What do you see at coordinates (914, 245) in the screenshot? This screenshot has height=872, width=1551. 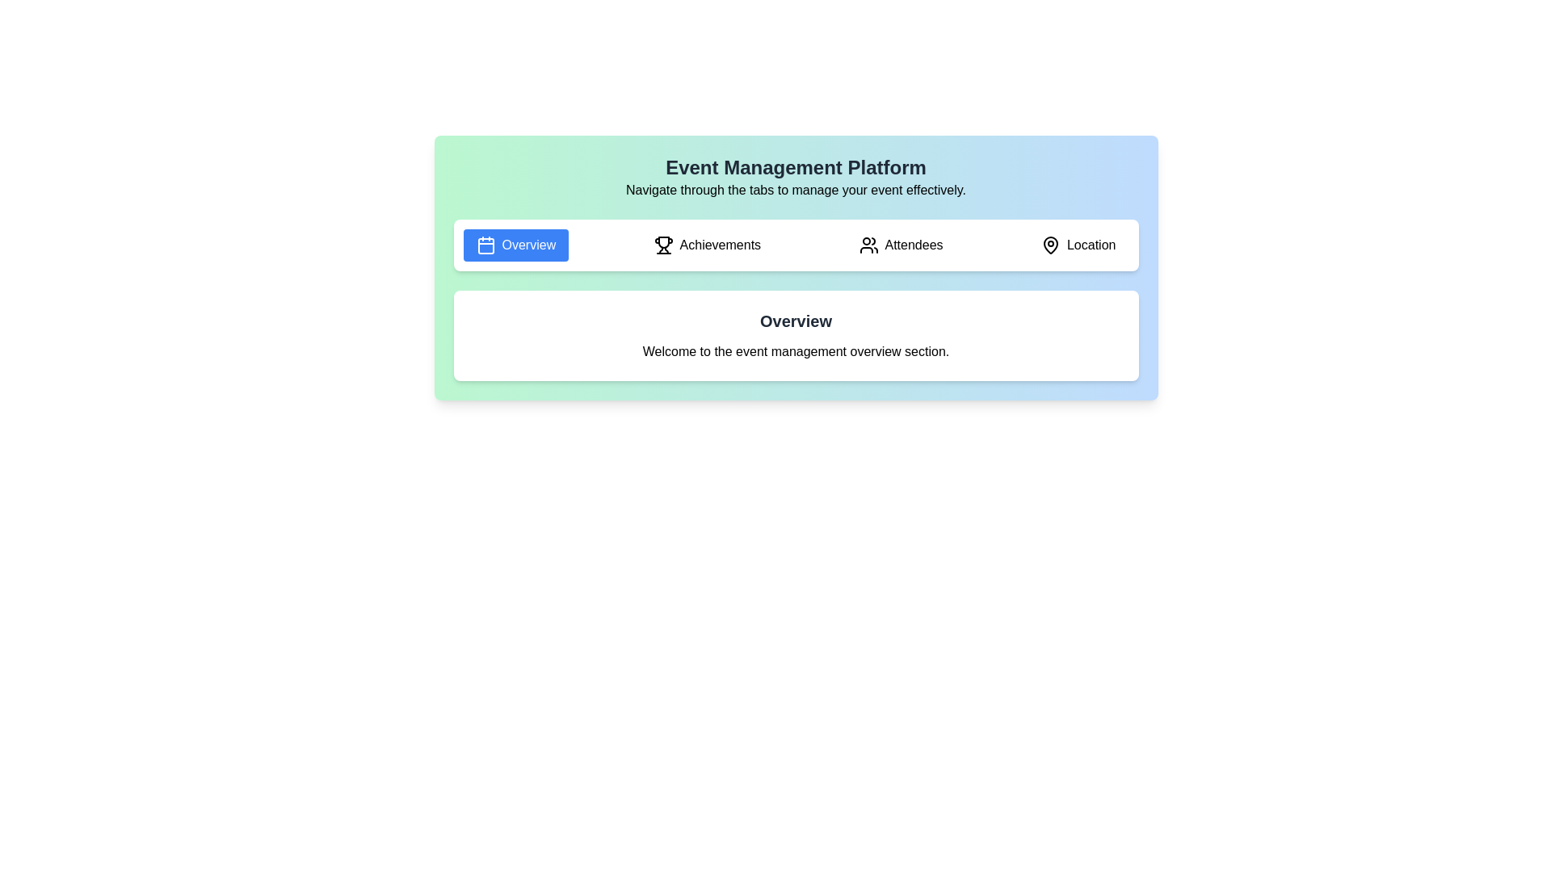 I see `the 'Attendees' text label in the navigation bar` at bounding box center [914, 245].